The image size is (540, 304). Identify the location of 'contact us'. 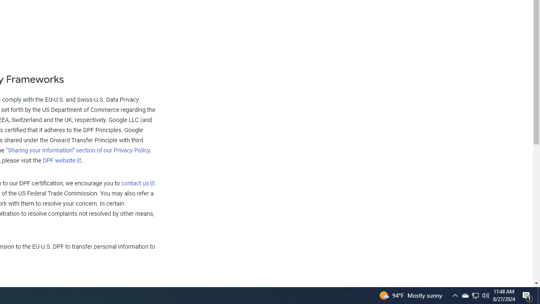
(138, 182).